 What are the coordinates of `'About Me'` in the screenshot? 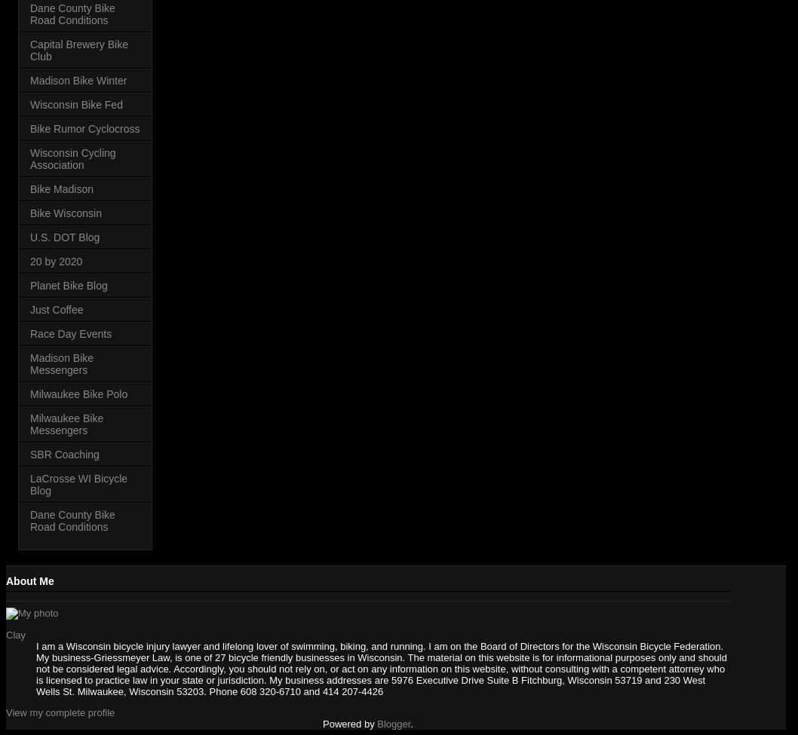 It's located at (29, 579).